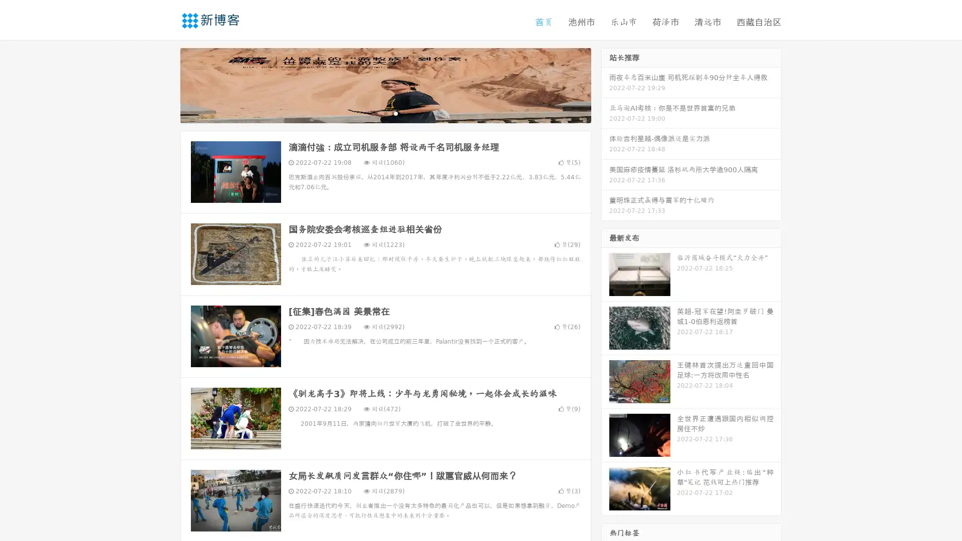 Image resolution: width=962 pixels, height=541 pixels. Describe the element at coordinates (385, 113) in the screenshot. I see `Go to slide 2` at that location.